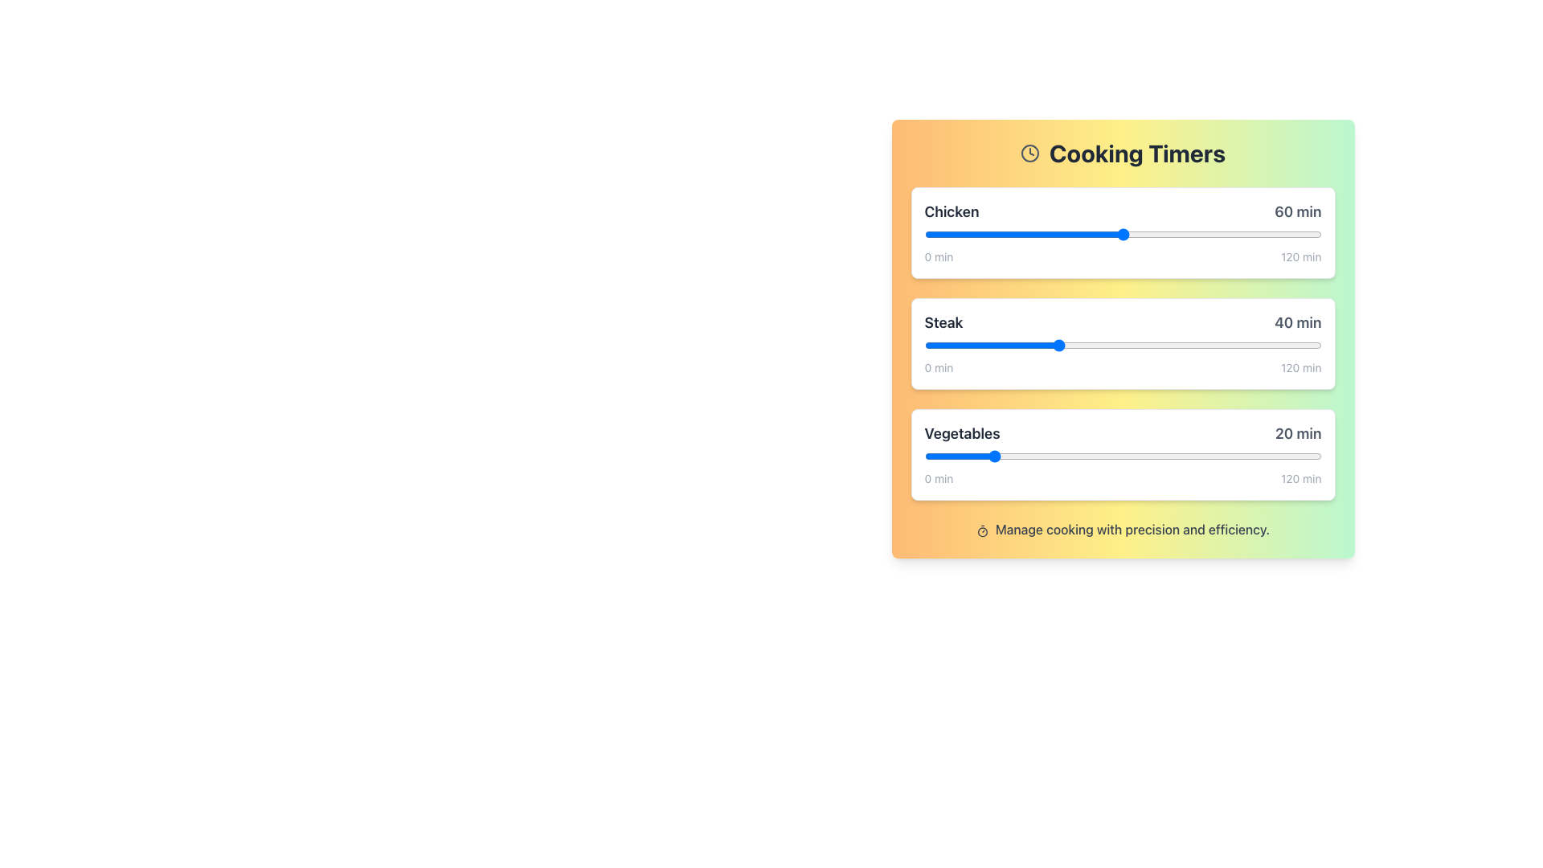 The height and width of the screenshot is (868, 1543). I want to click on cooking time for steak, so click(1087, 344).